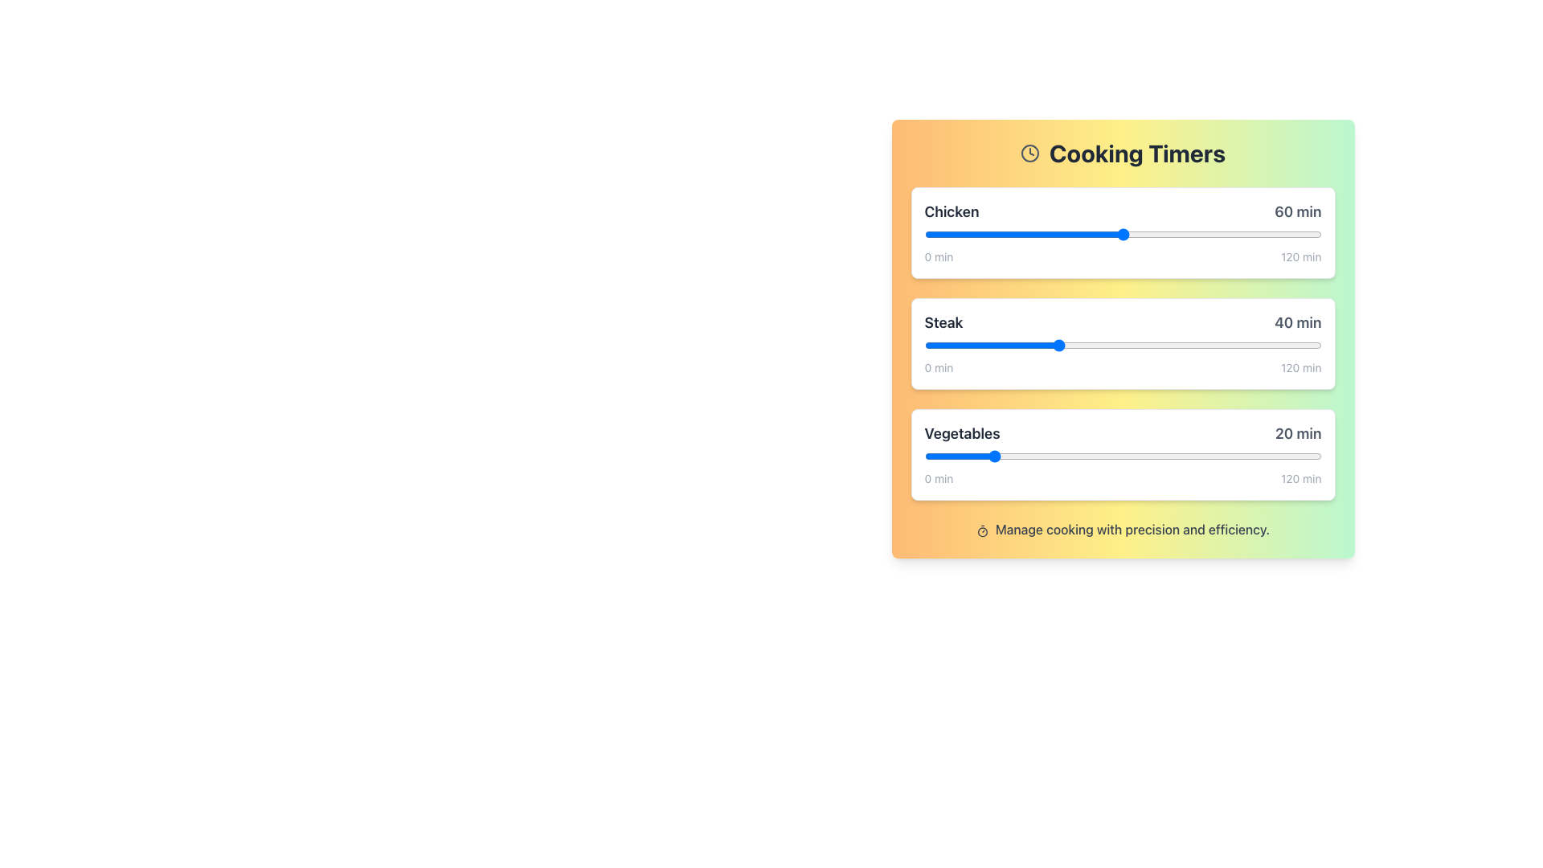 The height and width of the screenshot is (868, 1543). I want to click on cooking time for steak, so click(1087, 344).